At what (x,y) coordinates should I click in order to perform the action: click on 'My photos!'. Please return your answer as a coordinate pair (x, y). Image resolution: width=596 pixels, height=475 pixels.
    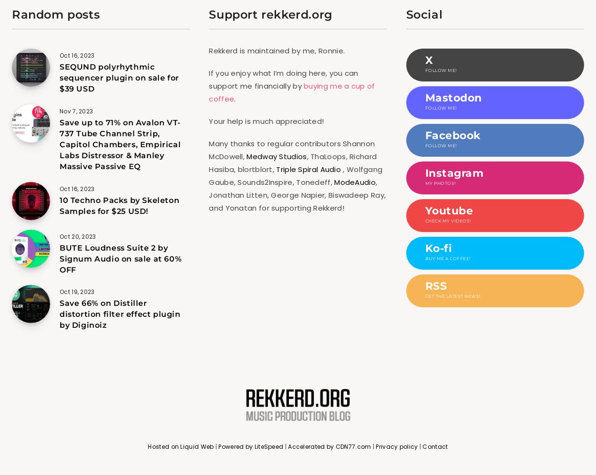
    Looking at the image, I should click on (440, 183).